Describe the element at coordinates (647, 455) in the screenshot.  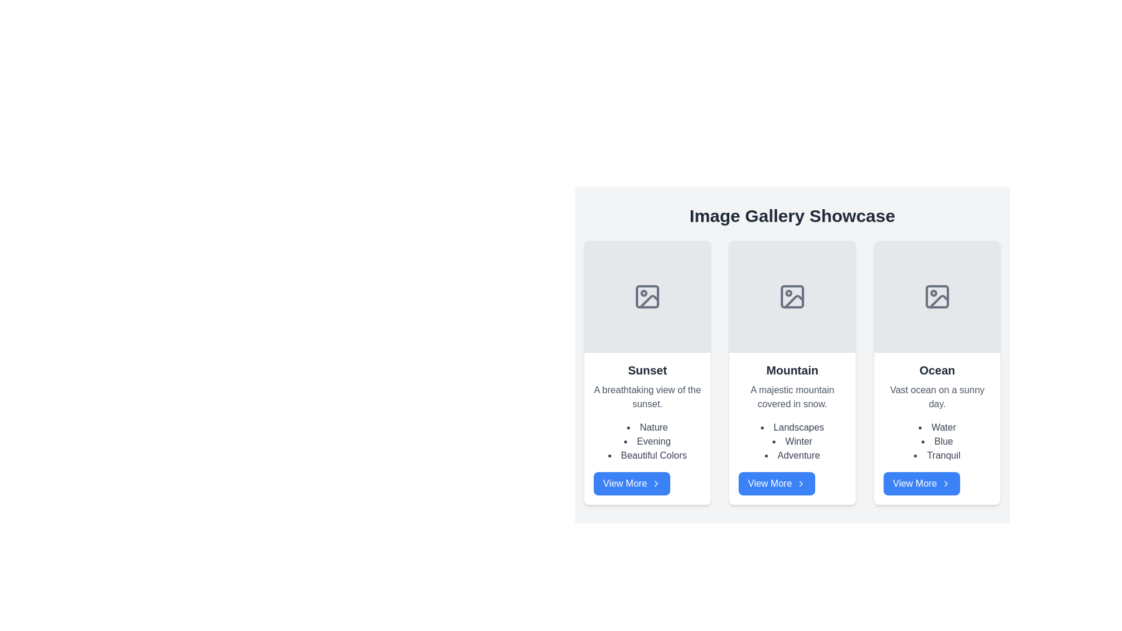
I see `the text 'Beautiful Colors' in the list under the 'Sunset' card` at that location.